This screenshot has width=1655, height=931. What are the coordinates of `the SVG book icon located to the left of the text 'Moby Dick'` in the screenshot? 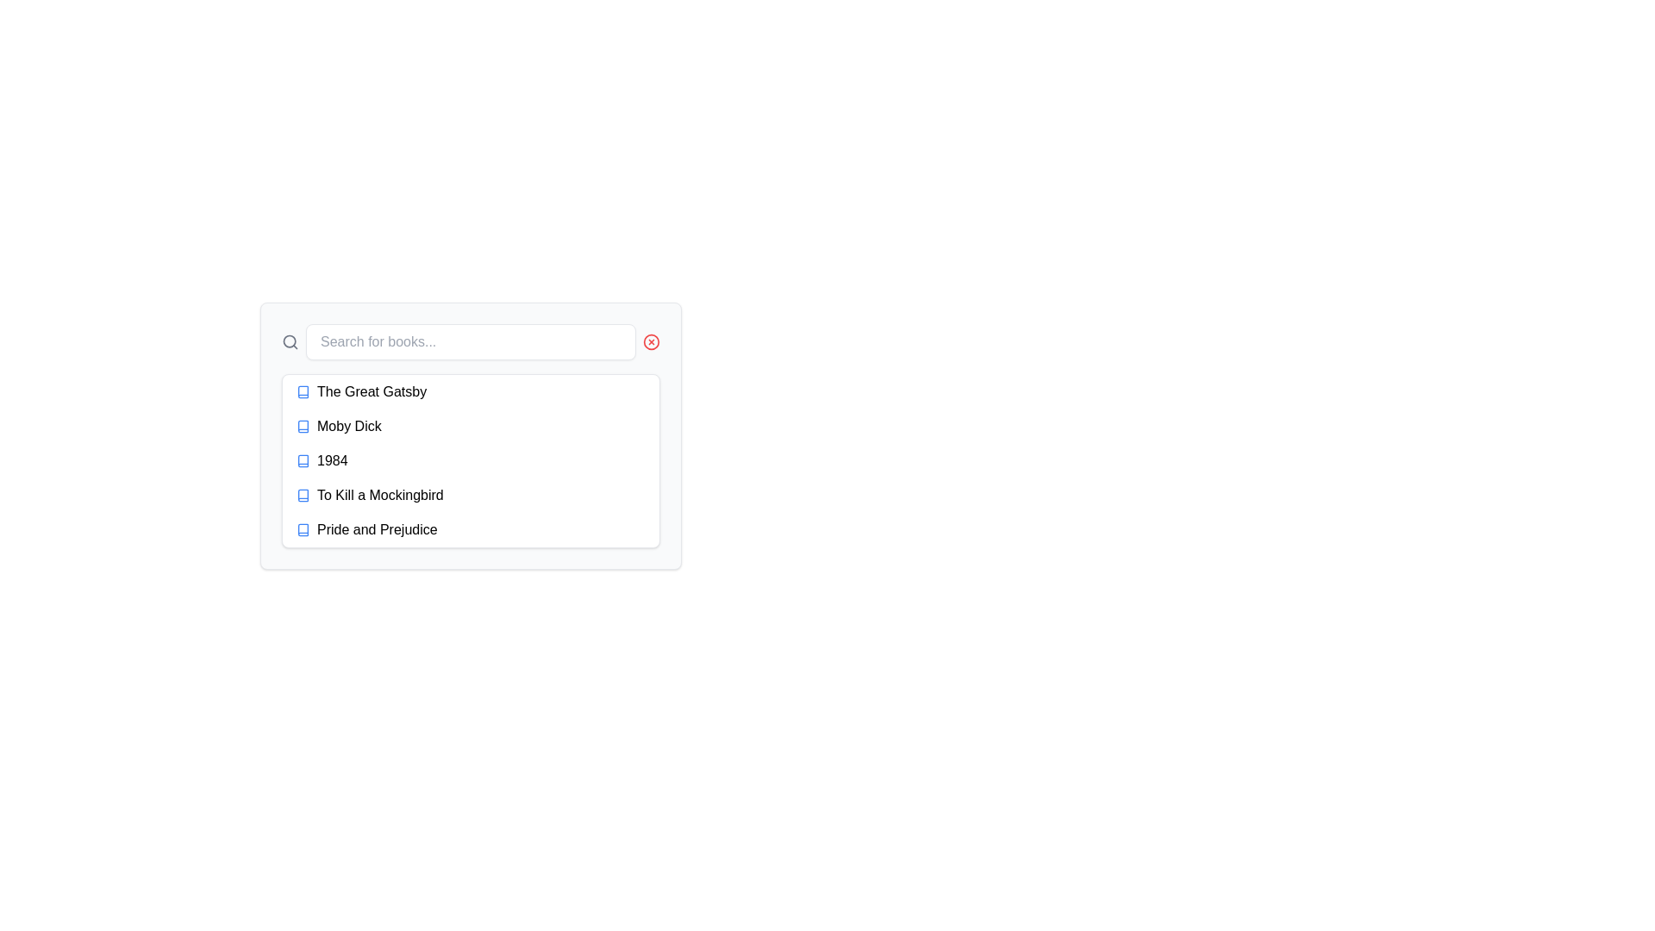 It's located at (303, 426).